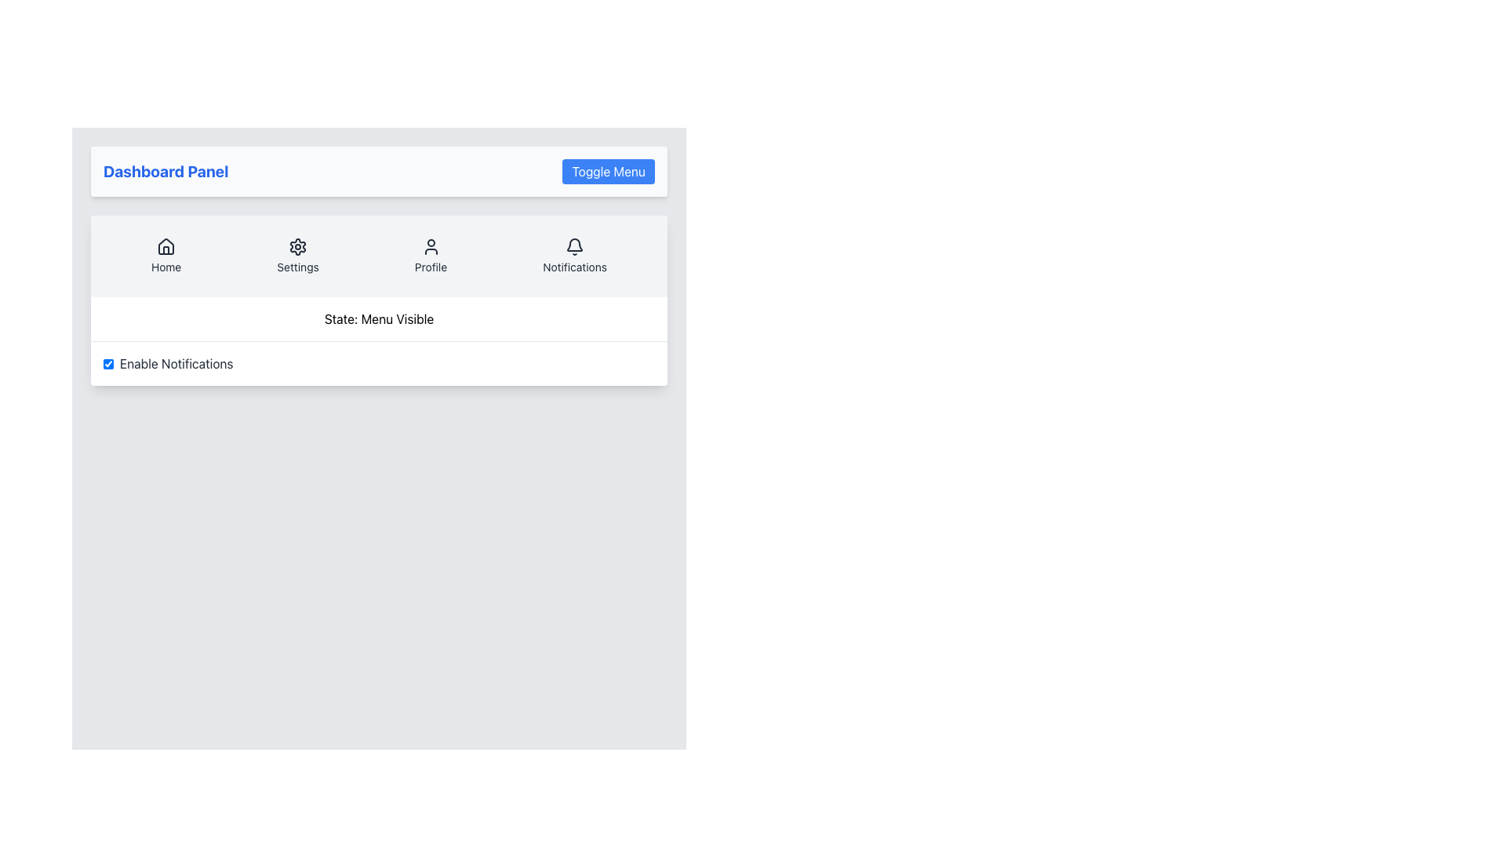 This screenshot has width=1506, height=847. I want to click on the bell icon associated with notifications, located at the top right of the menu bar above the 'Notifications' text label, so click(574, 247).